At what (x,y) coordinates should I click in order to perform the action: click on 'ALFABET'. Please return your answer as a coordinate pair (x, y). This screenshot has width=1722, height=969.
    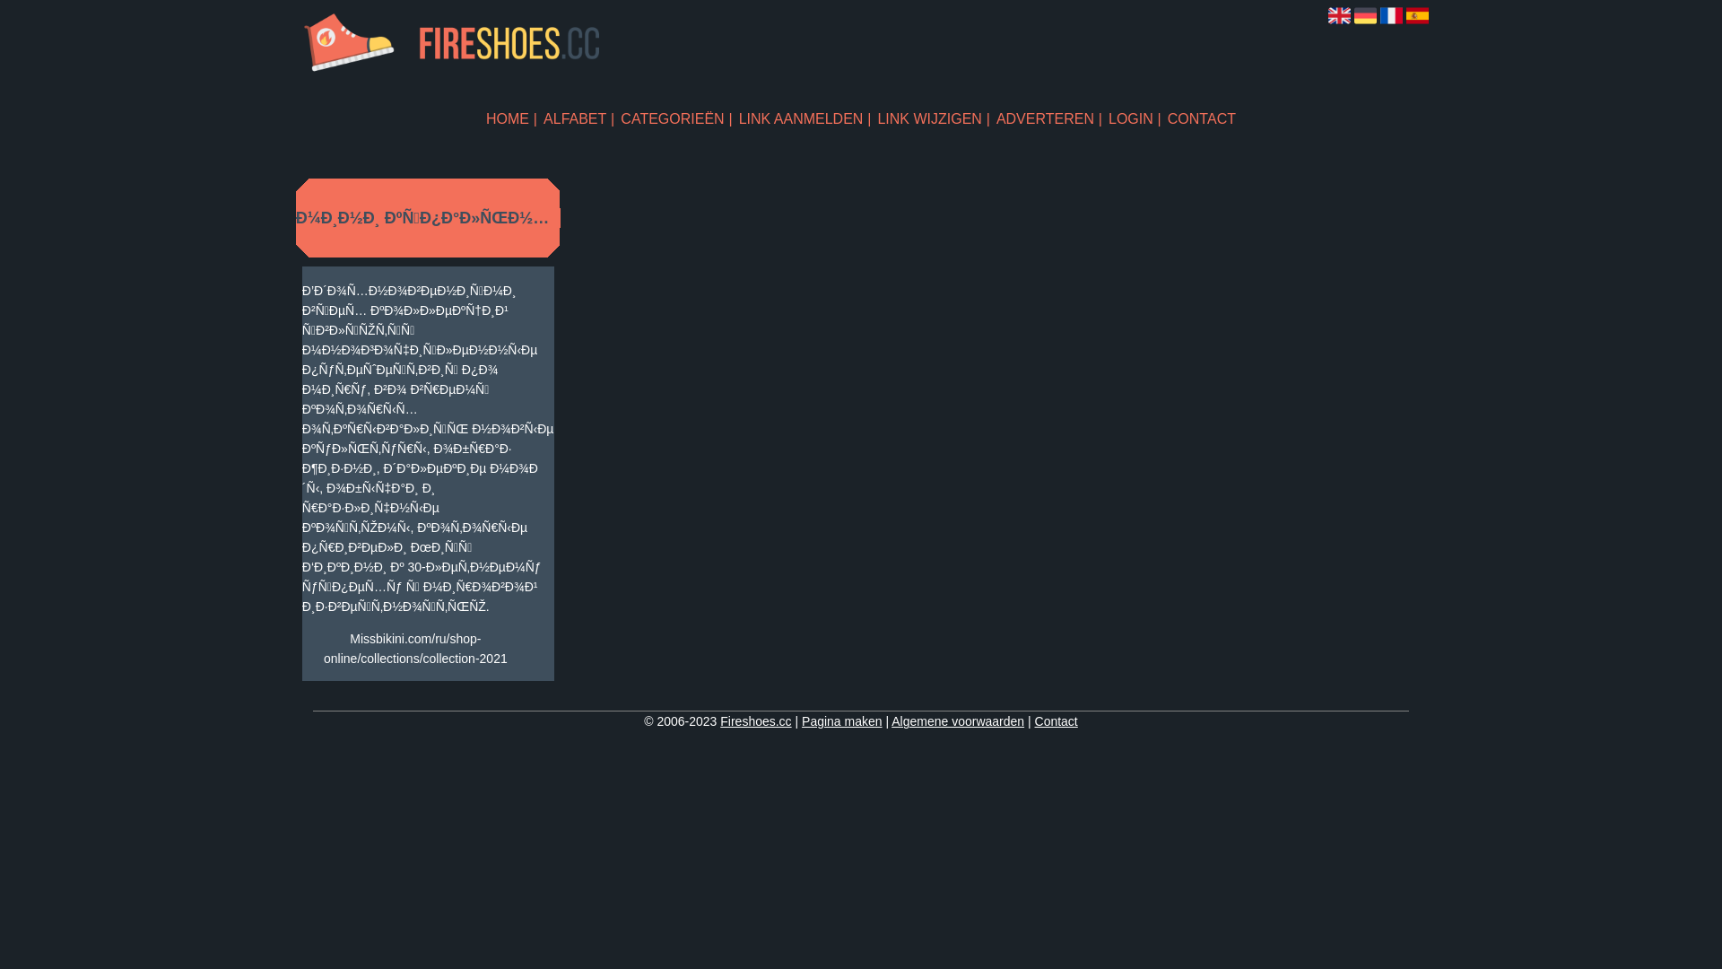
    Looking at the image, I should click on (578, 118).